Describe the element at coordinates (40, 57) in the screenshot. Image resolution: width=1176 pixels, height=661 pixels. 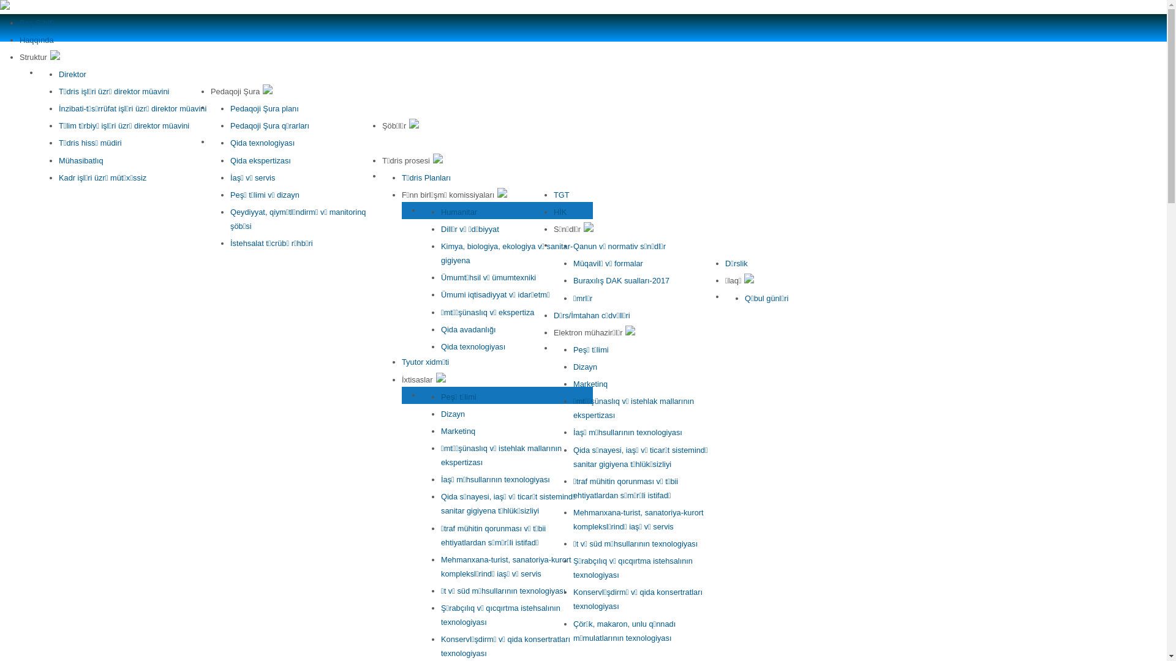
I see `'Struktur'` at that location.